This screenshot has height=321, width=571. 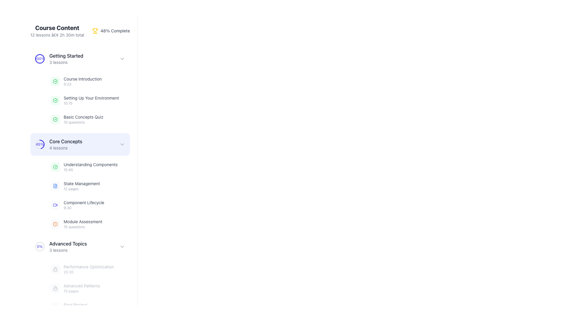 What do you see at coordinates (81, 185) in the screenshot?
I see `the 'State Management' text display, which is the second item under the 'Core Concepts' section in the left panel` at bounding box center [81, 185].